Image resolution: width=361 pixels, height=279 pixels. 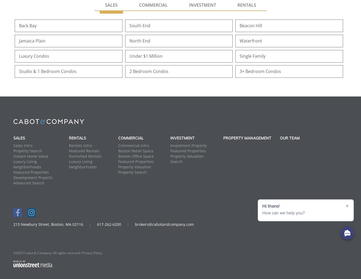 What do you see at coordinates (33, 177) in the screenshot?
I see `'Development Projects'` at bounding box center [33, 177].